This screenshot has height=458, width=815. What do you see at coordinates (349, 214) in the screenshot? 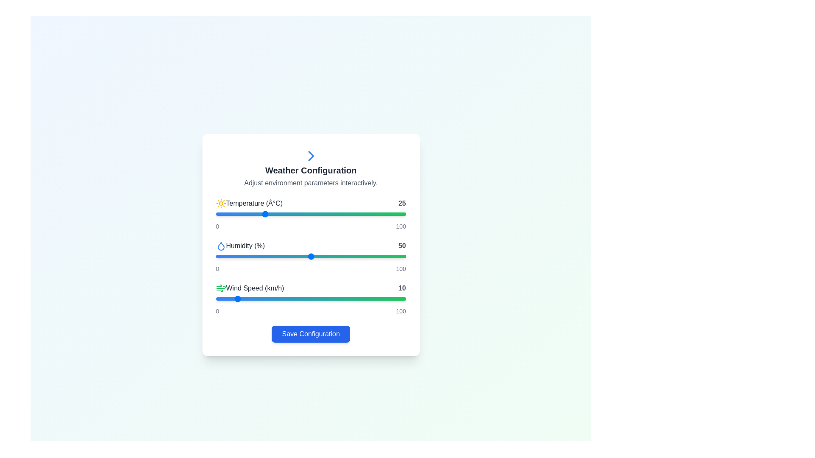
I see `temperature` at bounding box center [349, 214].